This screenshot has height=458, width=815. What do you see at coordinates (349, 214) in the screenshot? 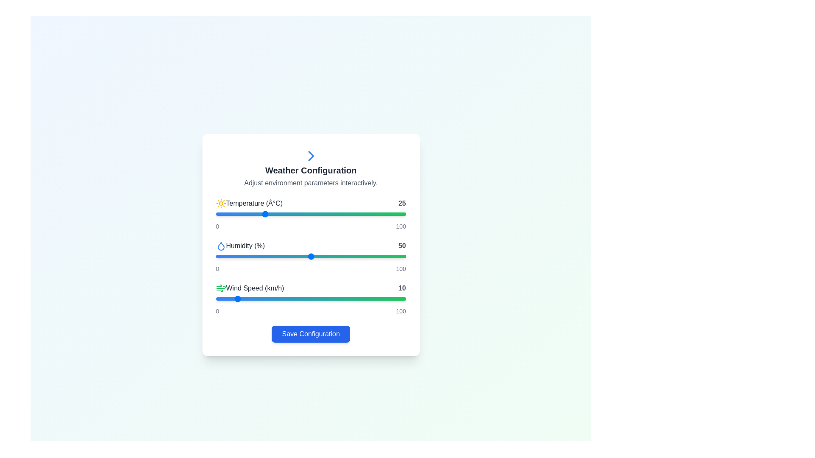
I see `temperature` at bounding box center [349, 214].